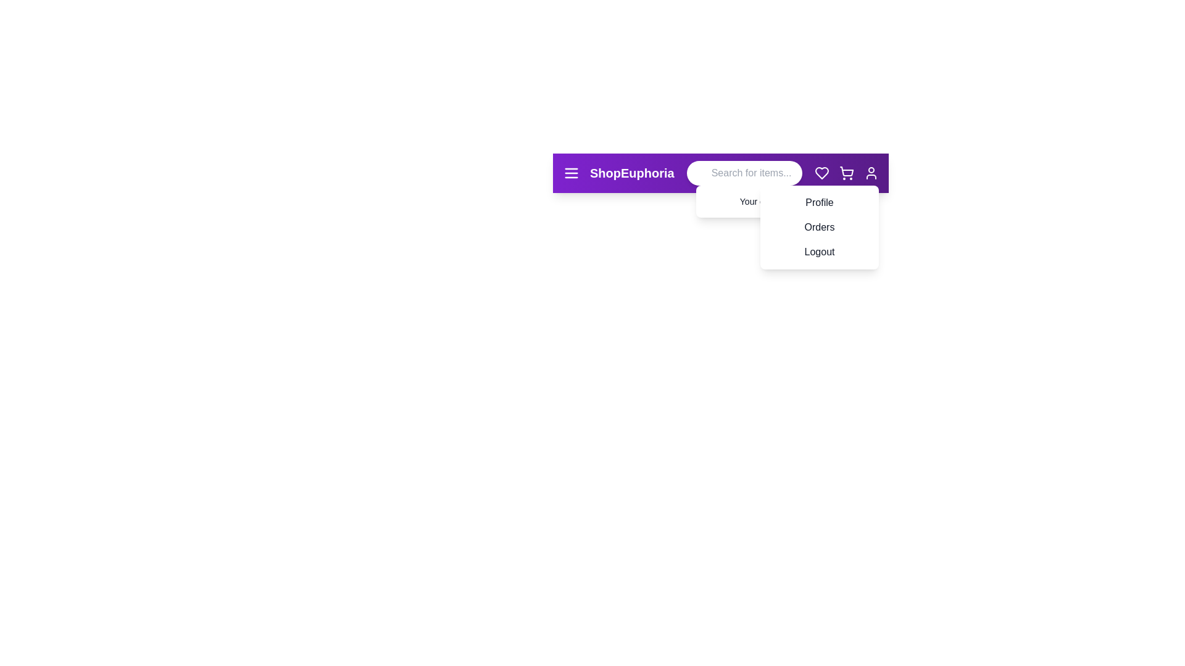  What do you see at coordinates (870, 173) in the screenshot?
I see `the user icon to toggle the user menu` at bounding box center [870, 173].